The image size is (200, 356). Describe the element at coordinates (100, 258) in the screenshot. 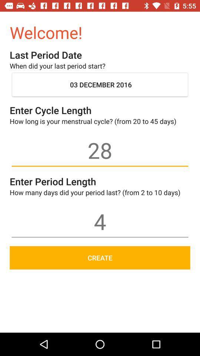

I see `the item below 4 item` at that location.